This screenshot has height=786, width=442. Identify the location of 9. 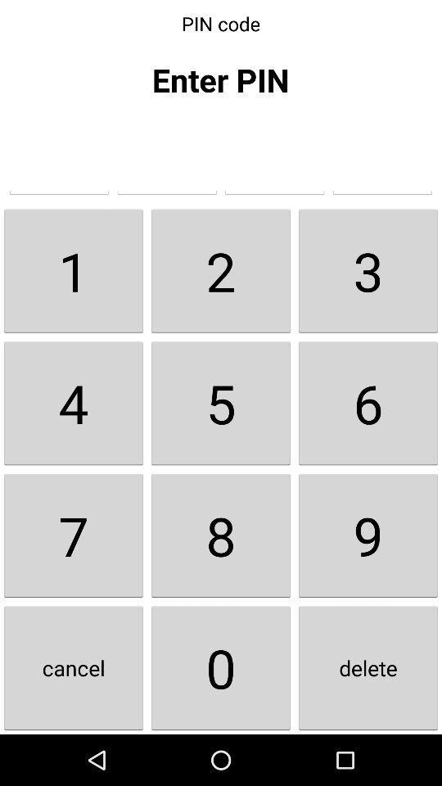
(368, 535).